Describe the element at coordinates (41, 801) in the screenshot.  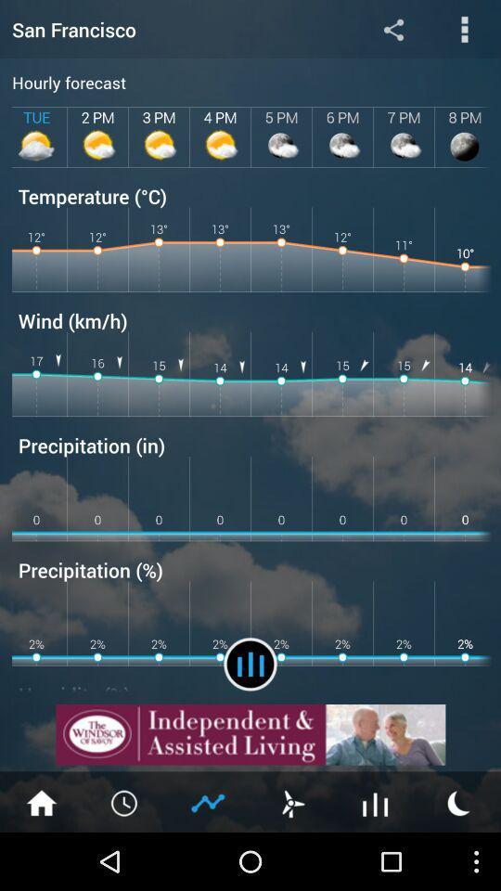
I see `home page` at that location.